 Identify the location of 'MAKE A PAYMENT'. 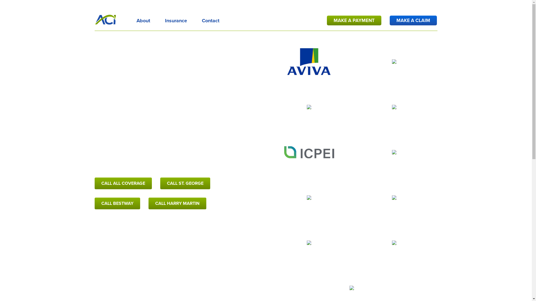
(354, 20).